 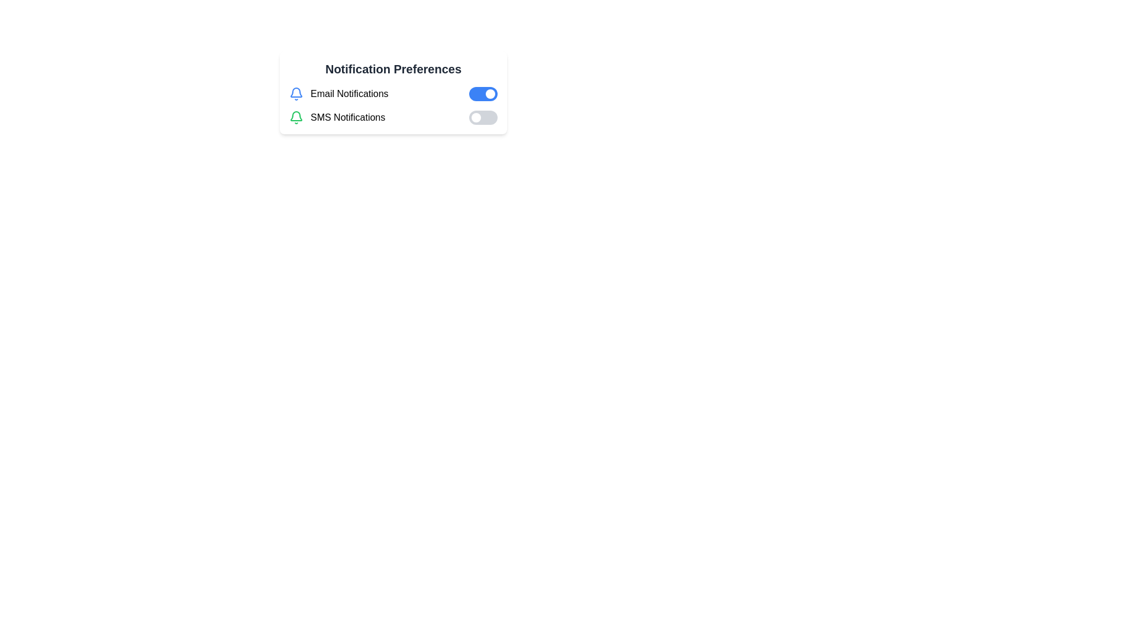 What do you see at coordinates (347, 118) in the screenshot?
I see `text from the SMS-based notification preferences label, which is the second item under the 'Notification Preferences' heading` at bounding box center [347, 118].